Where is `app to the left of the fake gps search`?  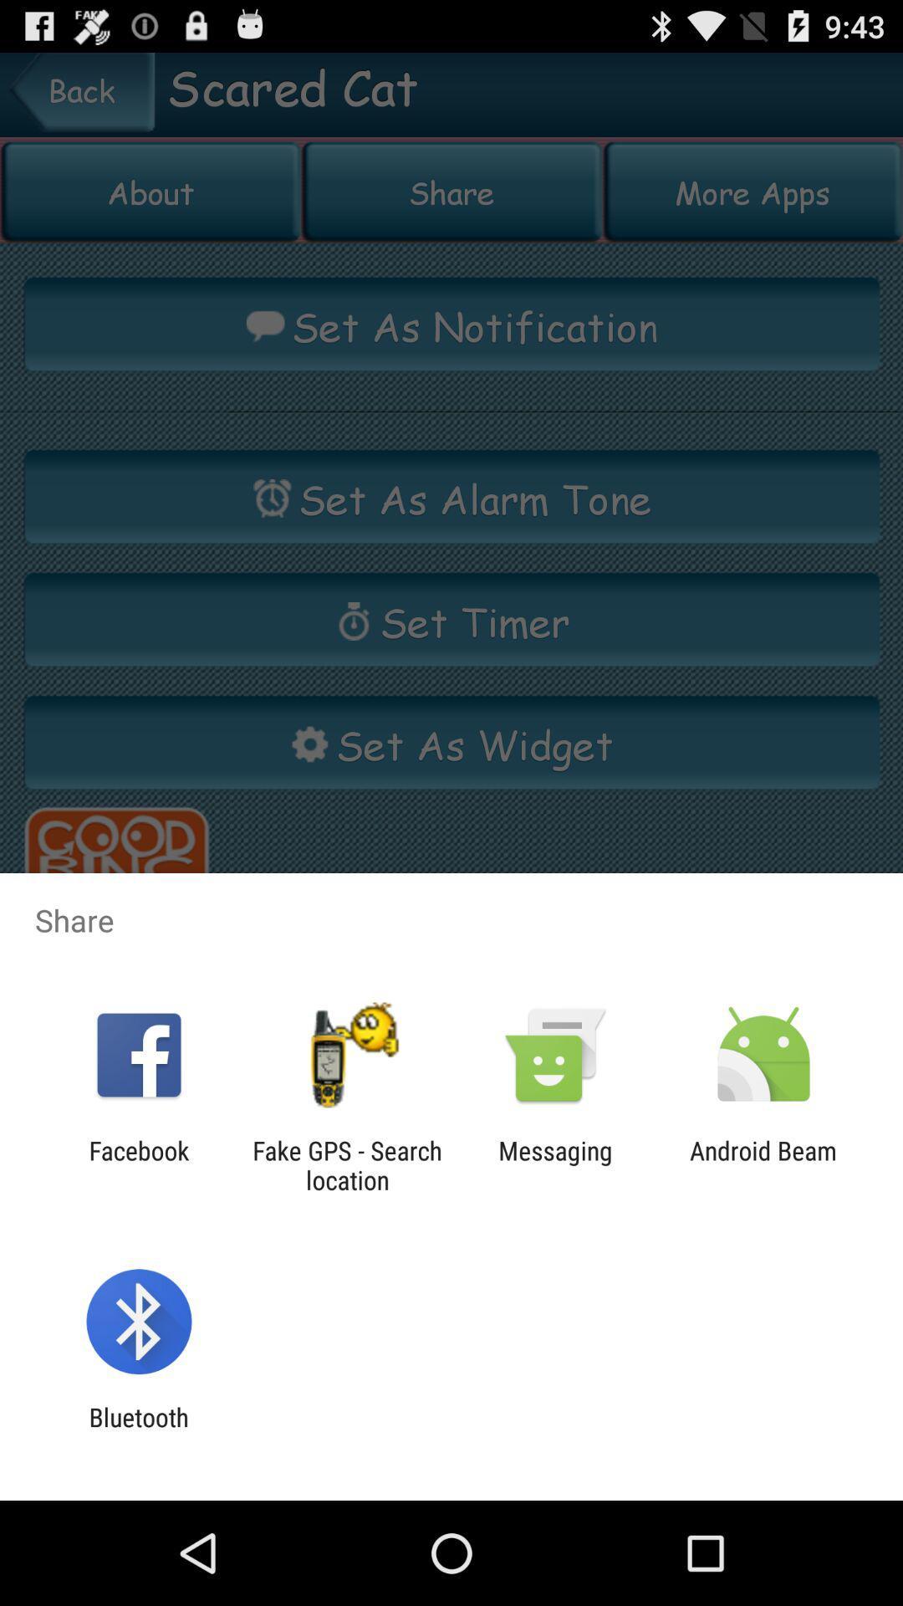
app to the left of the fake gps search is located at coordinates (138, 1164).